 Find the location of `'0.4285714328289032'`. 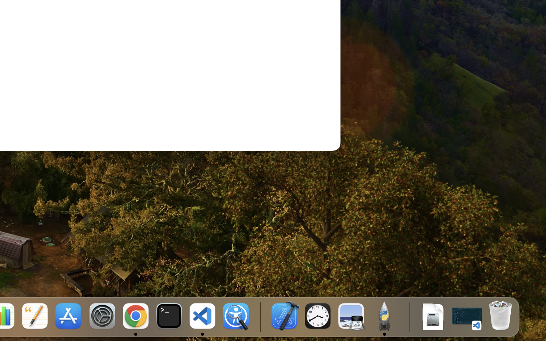

'0.4285714328289032' is located at coordinates (260, 316).